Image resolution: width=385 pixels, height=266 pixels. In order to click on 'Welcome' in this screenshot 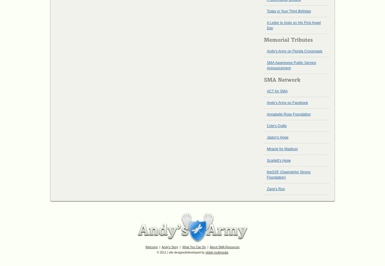, I will do `click(151, 247)`.